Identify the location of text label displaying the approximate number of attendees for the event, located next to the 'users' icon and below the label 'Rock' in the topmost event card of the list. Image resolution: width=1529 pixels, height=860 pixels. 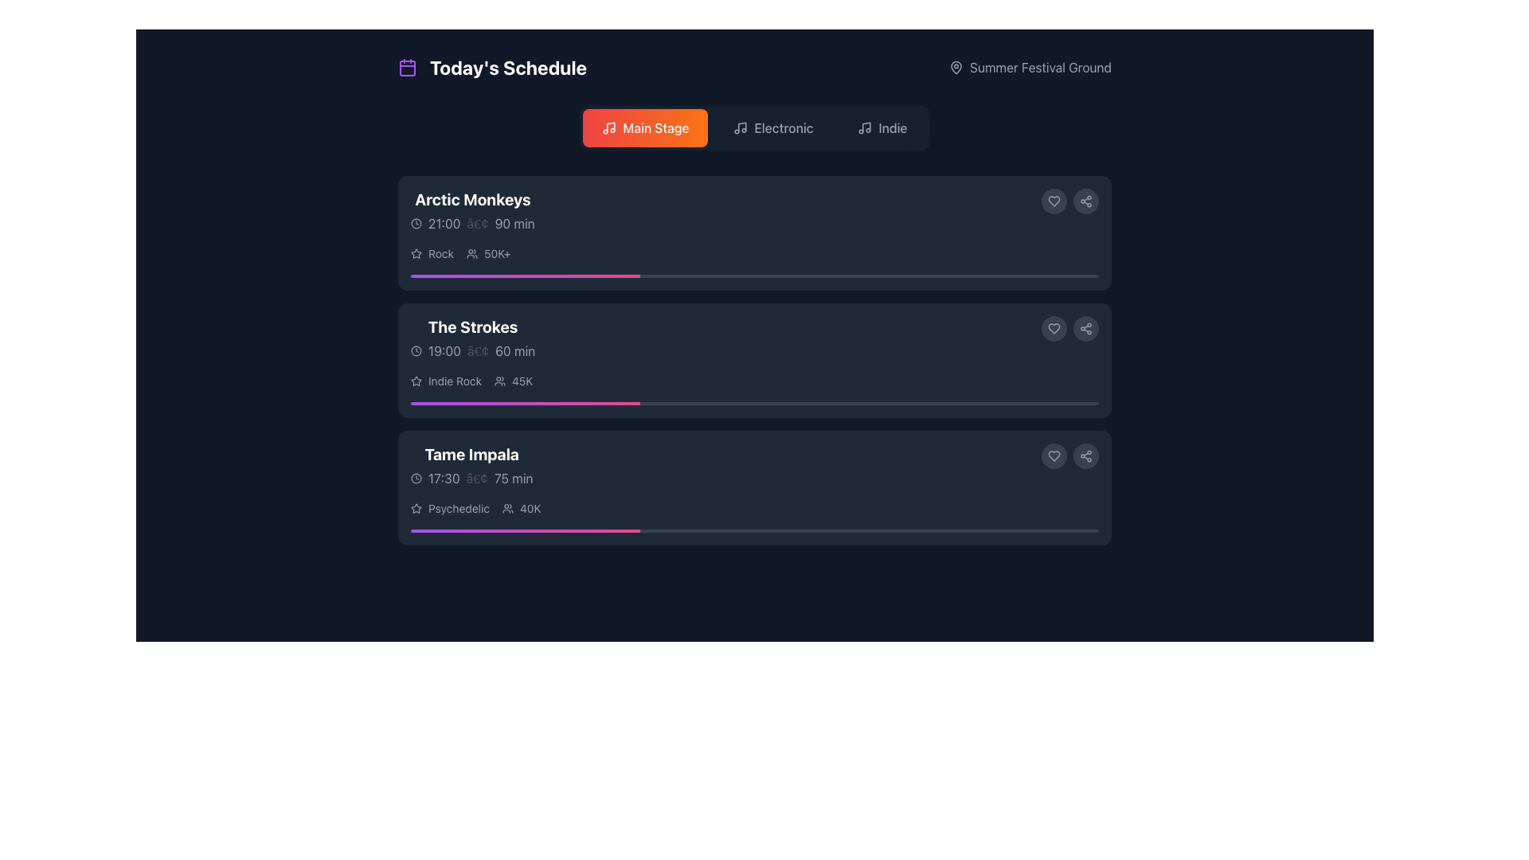
(487, 253).